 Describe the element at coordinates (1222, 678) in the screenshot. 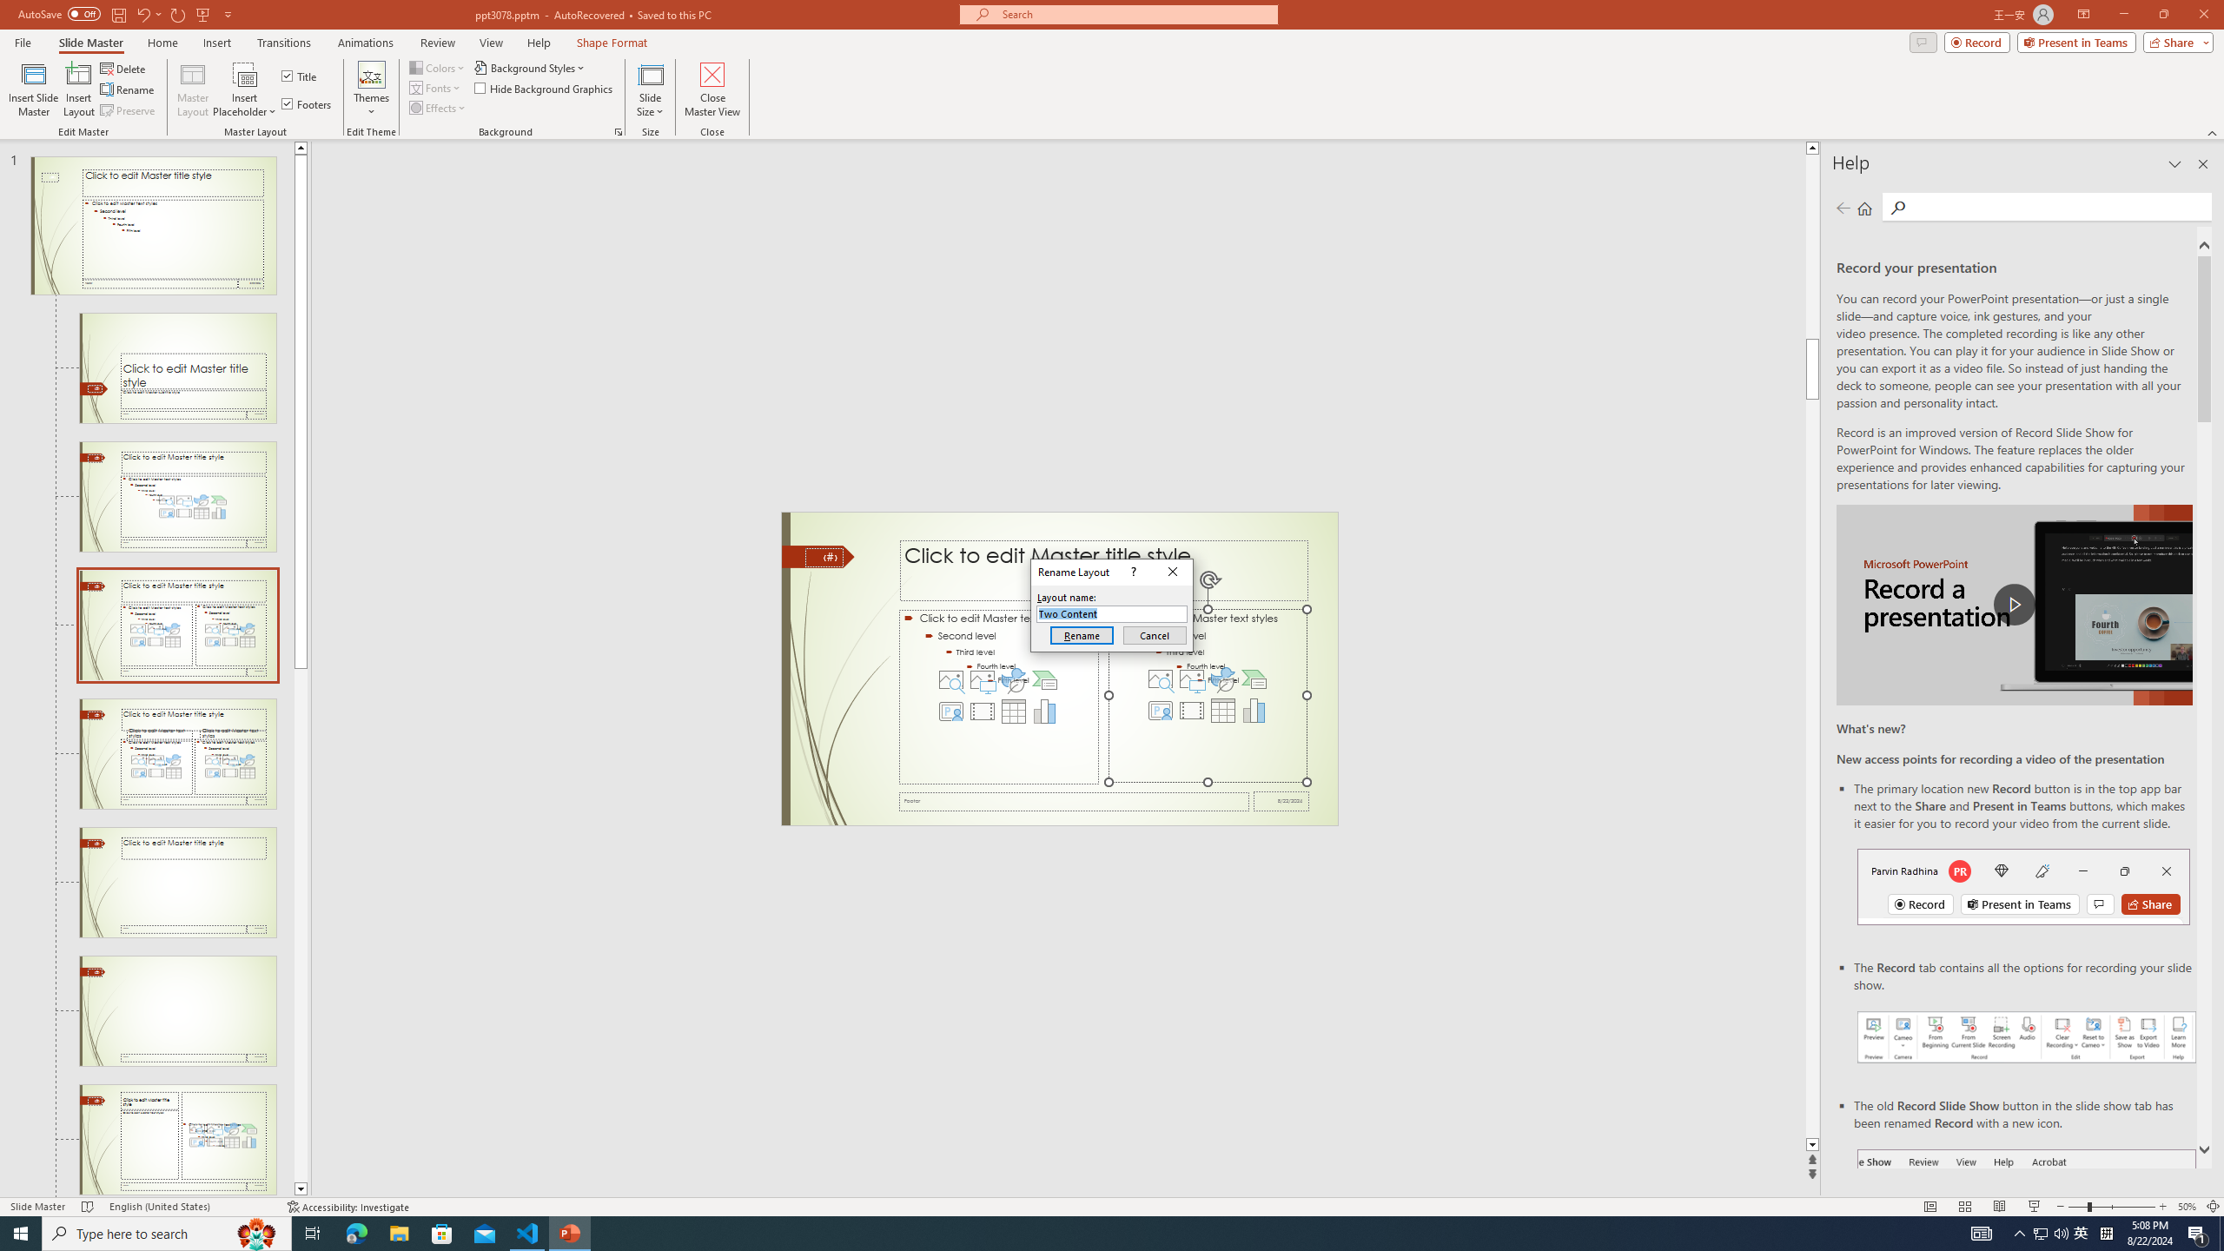

I see `'Insert an Icon'` at that location.